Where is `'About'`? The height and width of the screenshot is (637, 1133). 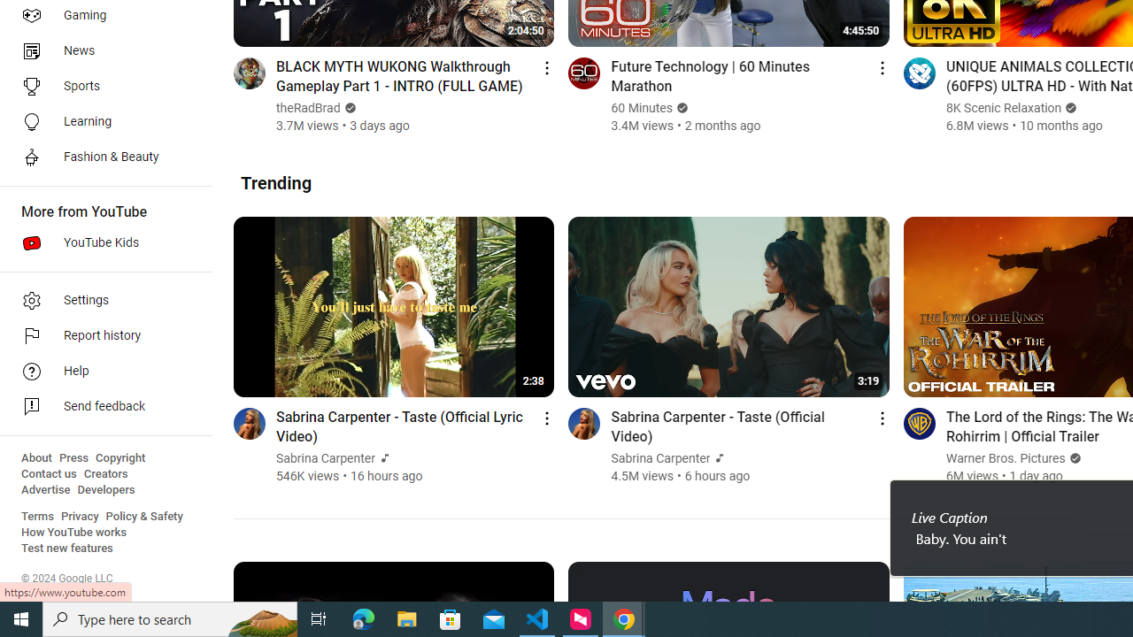 'About' is located at coordinates (36, 457).